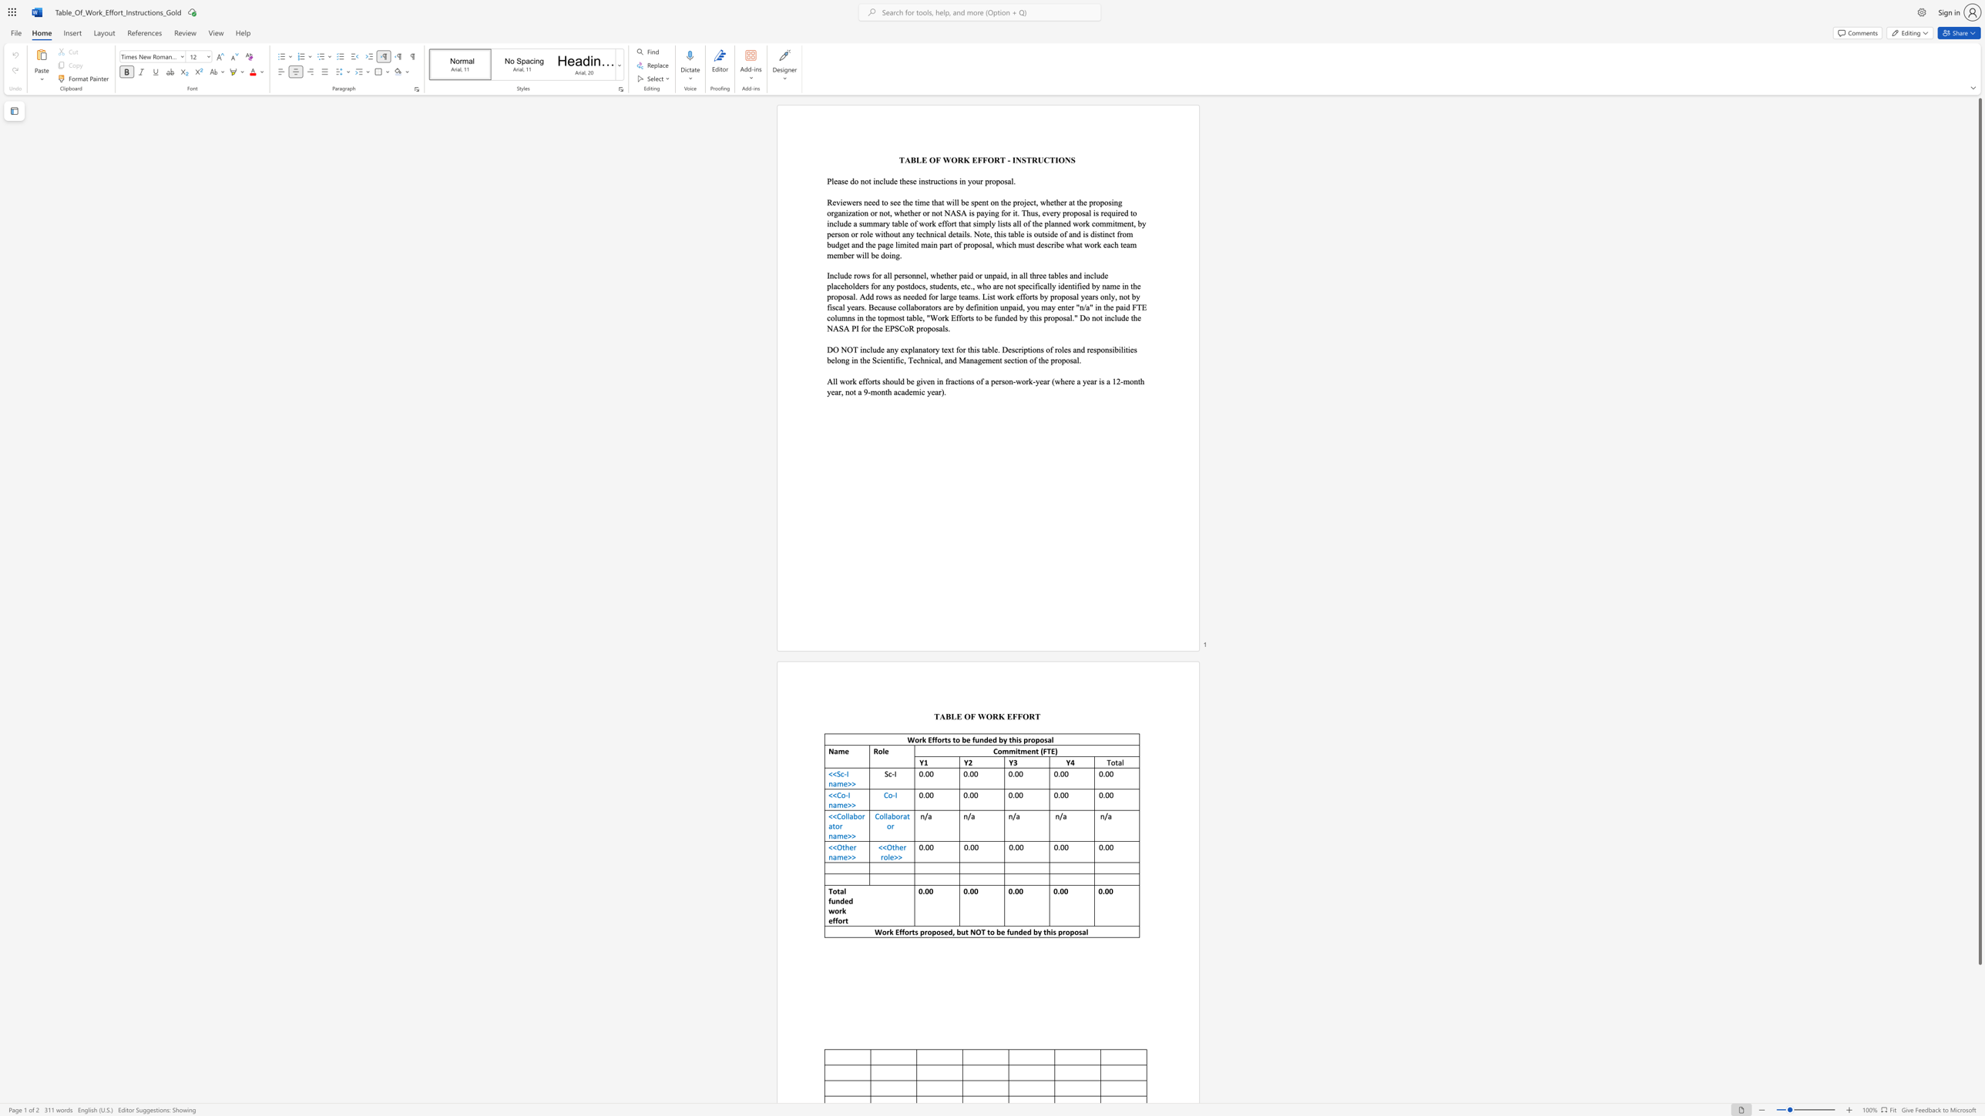  What do you see at coordinates (1979, 1064) in the screenshot?
I see `the side scrollbar to bring the page down` at bounding box center [1979, 1064].